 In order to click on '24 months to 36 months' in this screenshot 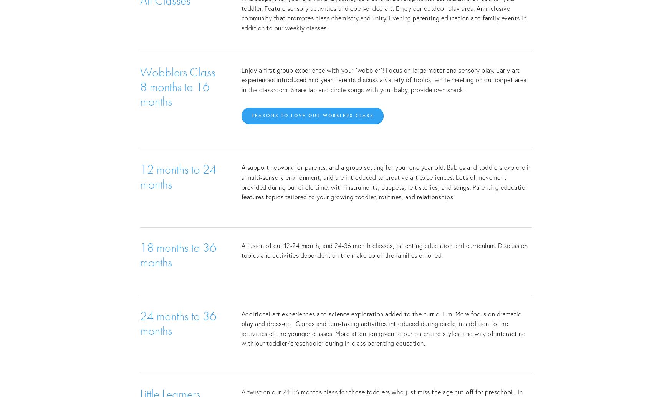, I will do `click(179, 323)`.